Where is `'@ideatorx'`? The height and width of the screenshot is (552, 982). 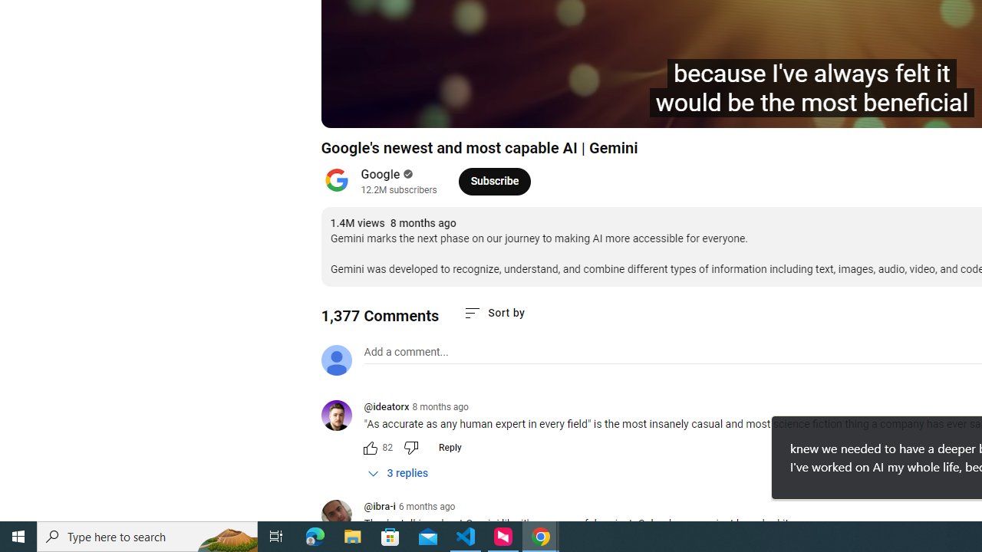 '@ideatorx' is located at coordinates (341, 416).